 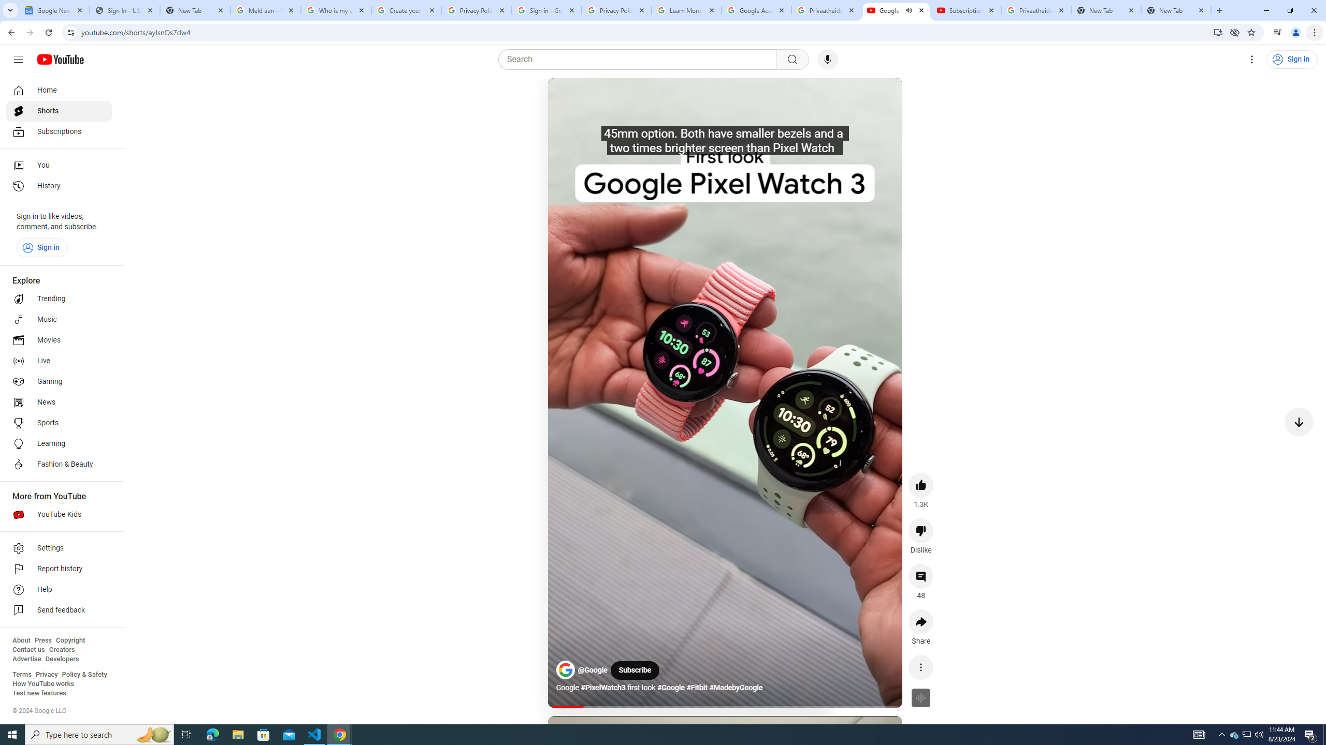 What do you see at coordinates (69, 640) in the screenshot?
I see `'Copyright'` at bounding box center [69, 640].